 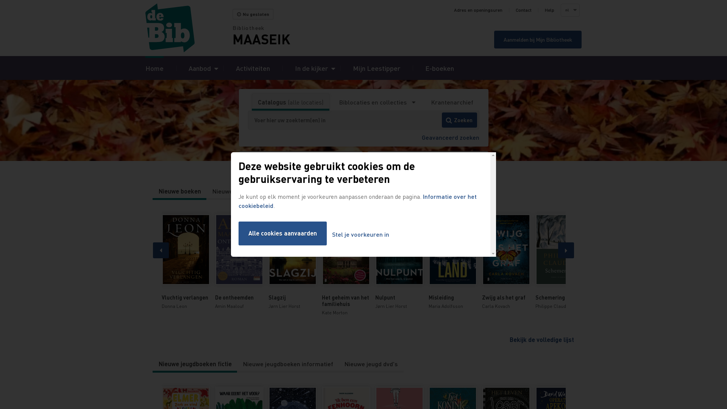 I want to click on 'Geavanceerd zoeken', so click(x=451, y=137).